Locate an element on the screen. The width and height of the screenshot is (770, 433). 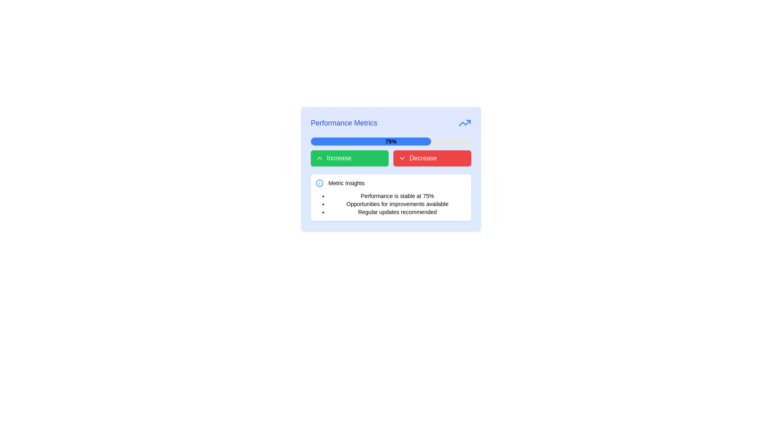
text label containing the phrase 'Regular updates recommended', which is the third item in a bulleted list under 'Metric Insights' is located at coordinates (397, 211).